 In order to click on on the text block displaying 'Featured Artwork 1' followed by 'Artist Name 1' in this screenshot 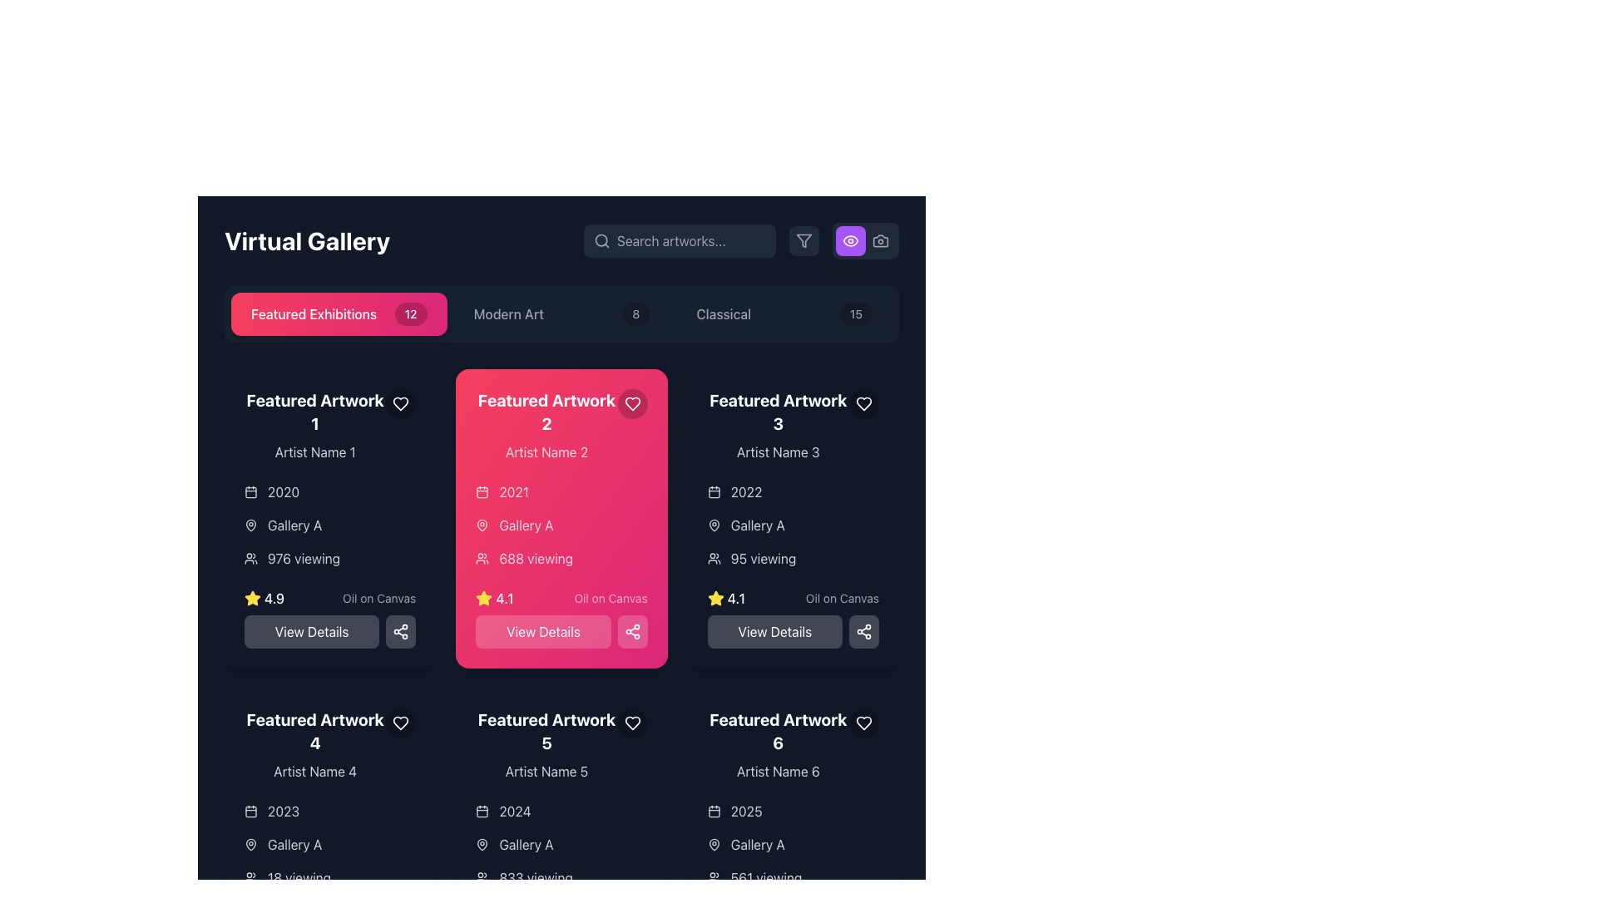, I will do `click(315, 425)`.